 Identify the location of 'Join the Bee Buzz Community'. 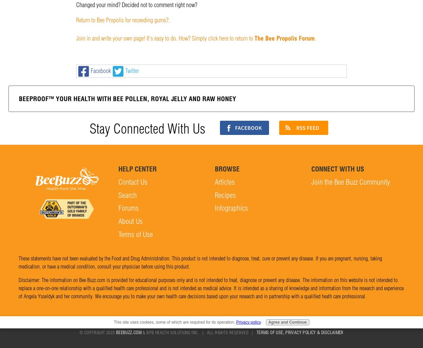
(351, 181).